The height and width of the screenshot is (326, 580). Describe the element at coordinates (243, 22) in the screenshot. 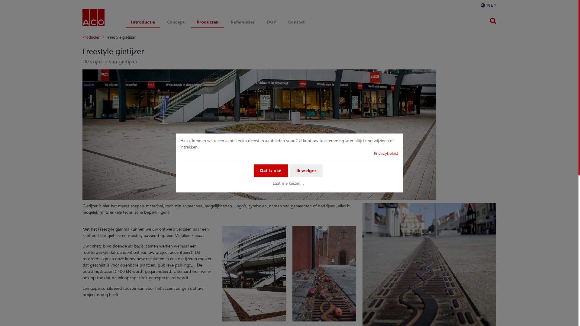

I see `'Referenties'` at that location.